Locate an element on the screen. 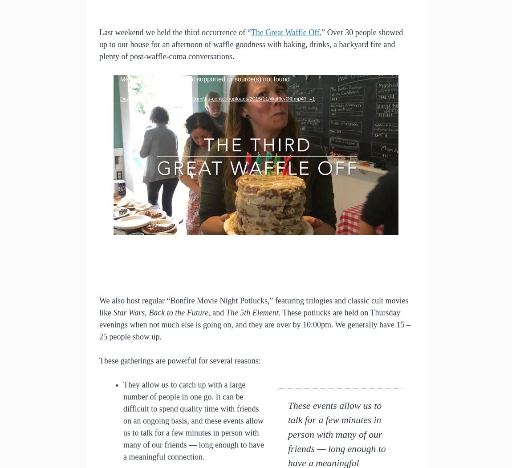 This screenshot has width=512, height=468. 'These gatherings are powerful for several reasons:' is located at coordinates (179, 360).